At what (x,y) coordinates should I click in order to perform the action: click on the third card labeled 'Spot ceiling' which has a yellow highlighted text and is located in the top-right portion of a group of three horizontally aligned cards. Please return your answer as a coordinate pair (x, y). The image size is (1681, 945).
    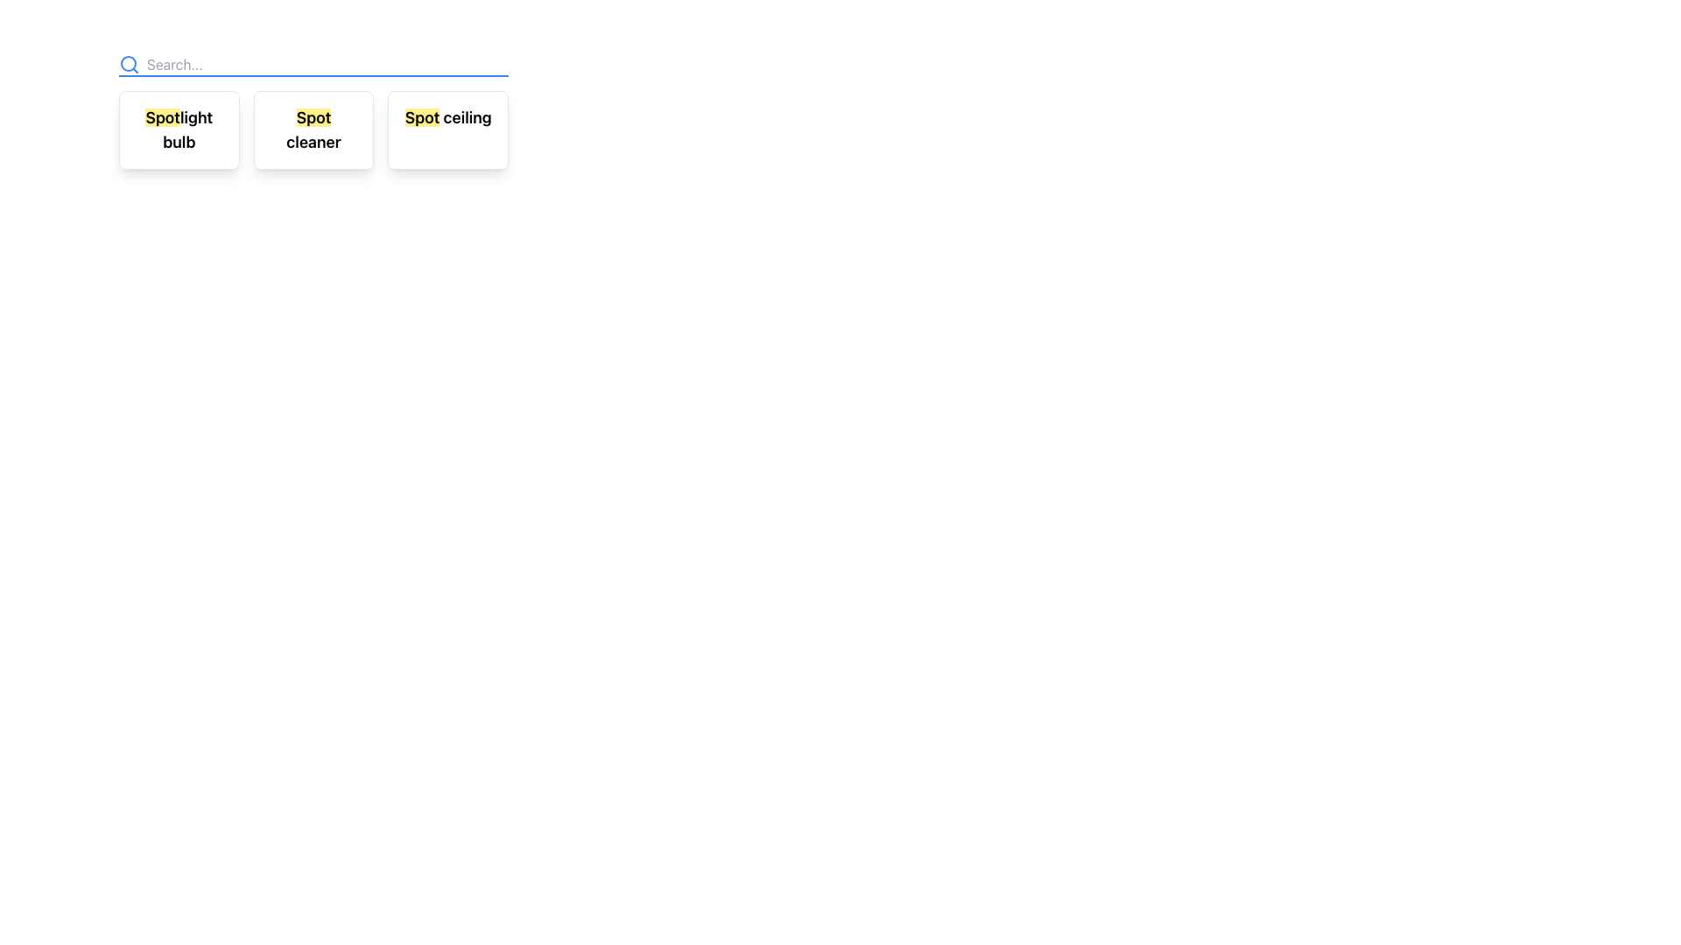
    Looking at the image, I should click on (448, 129).